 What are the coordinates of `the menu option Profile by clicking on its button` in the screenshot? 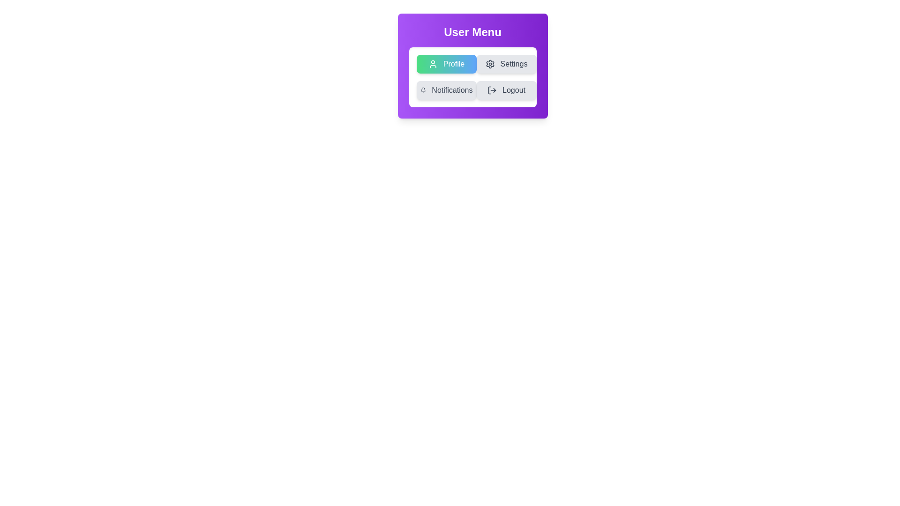 It's located at (446, 64).